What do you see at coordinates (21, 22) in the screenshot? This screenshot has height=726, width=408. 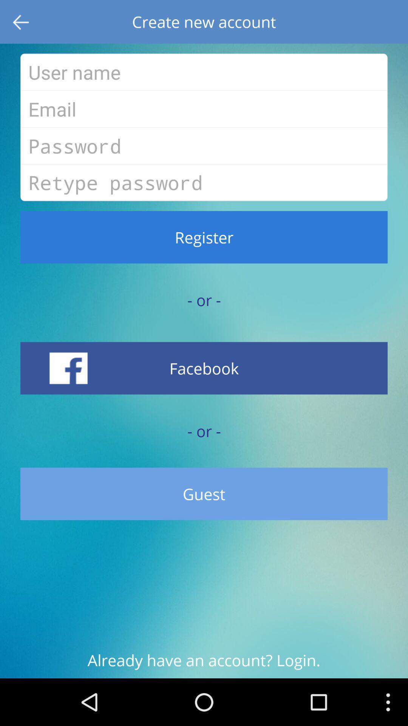 I see `item to the left of create new account item` at bounding box center [21, 22].